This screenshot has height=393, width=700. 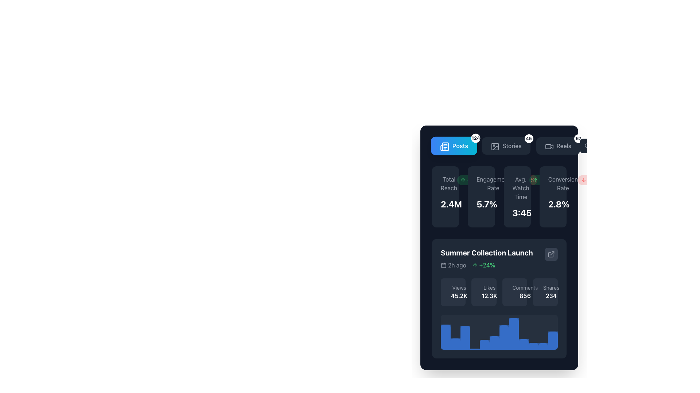 I want to click on the upward arrow icon representing an increase, which is located to the left of the text '+12.5%', situated in the central-right section of the interface, so click(x=535, y=180).